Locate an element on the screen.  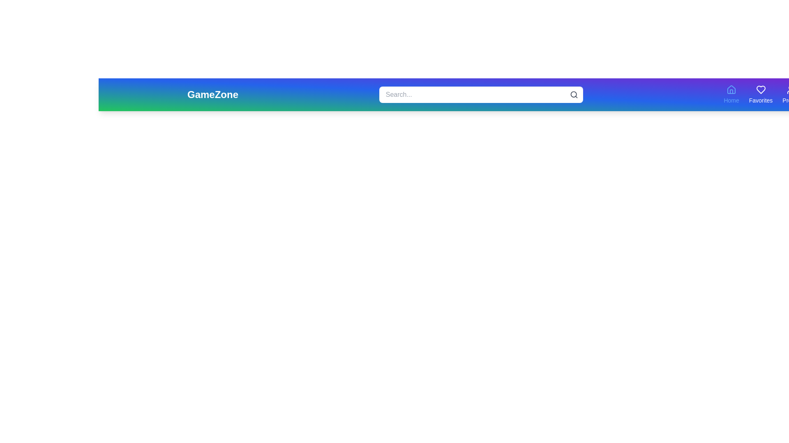
'Home' navigation button is located at coordinates (731, 94).